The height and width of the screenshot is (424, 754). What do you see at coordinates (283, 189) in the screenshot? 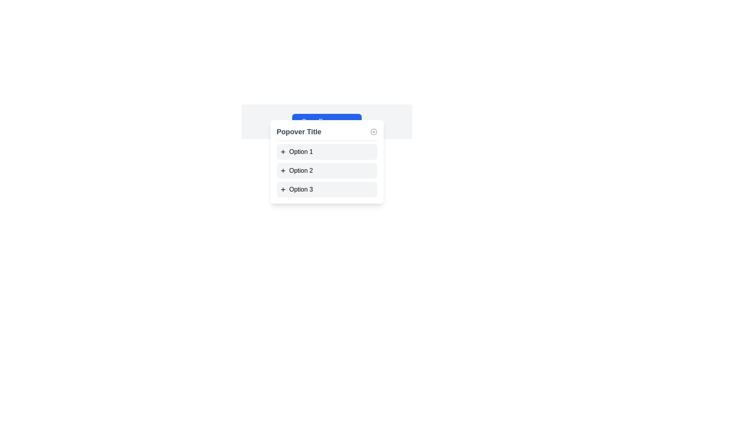
I see `the plus icon that triggers the 'Option 3' feature, located on the left side of the 'Option 3' text within the third list item of a popover menu` at bounding box center [283, 189].